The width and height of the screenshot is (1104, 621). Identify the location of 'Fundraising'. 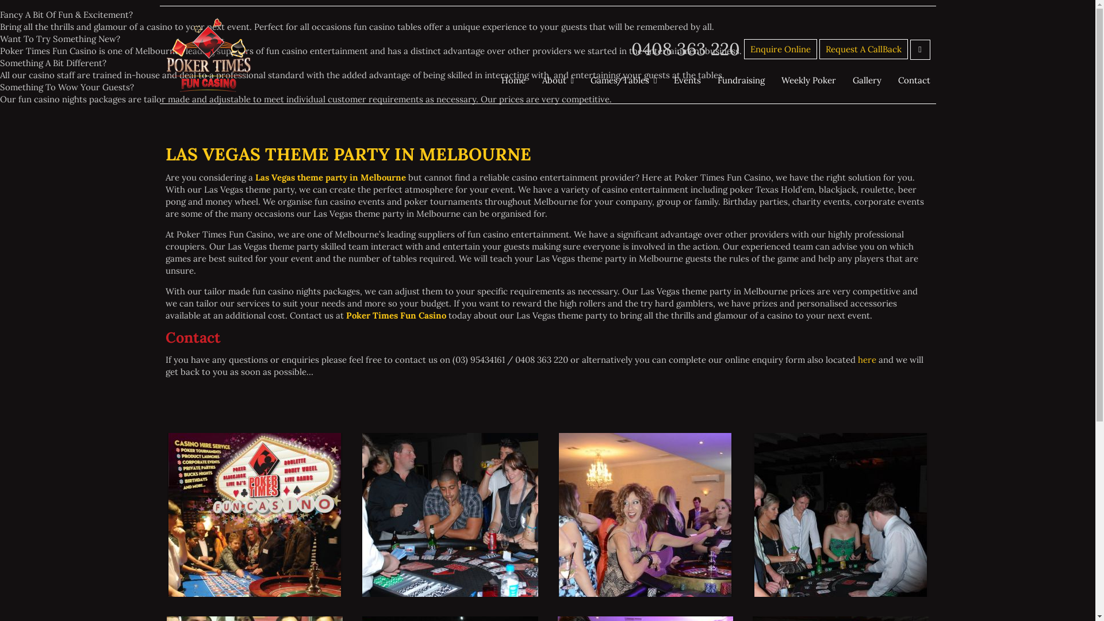
(741, 79).